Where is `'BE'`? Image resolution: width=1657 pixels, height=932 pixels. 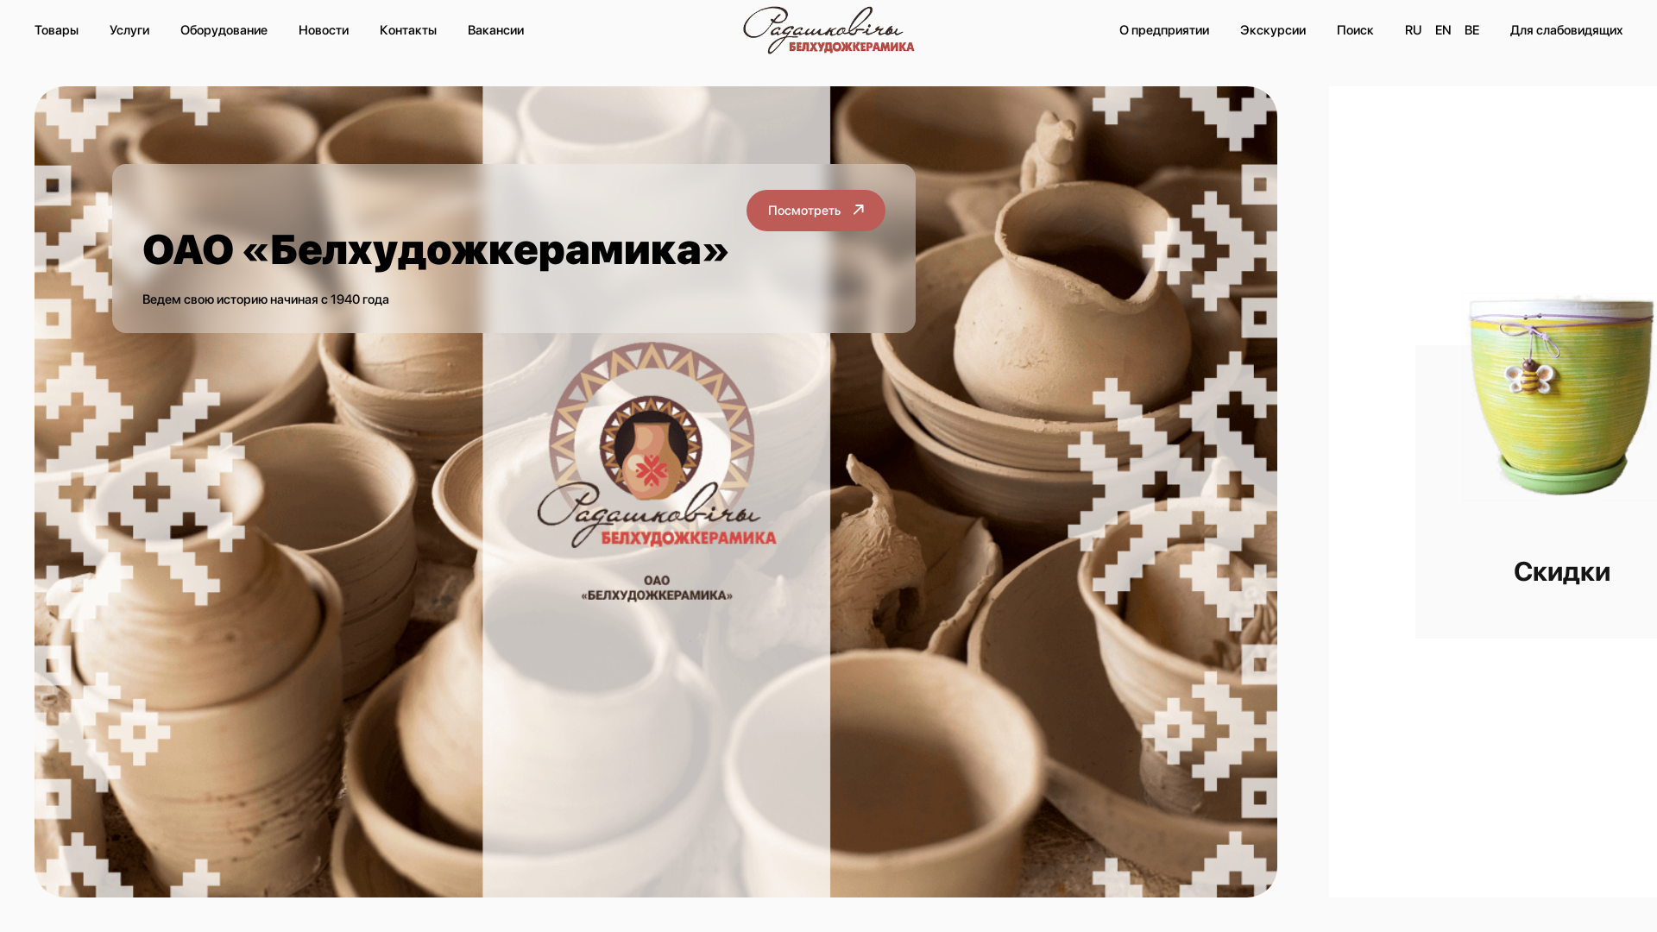 'BE' is located at coordinates (1464, 29).